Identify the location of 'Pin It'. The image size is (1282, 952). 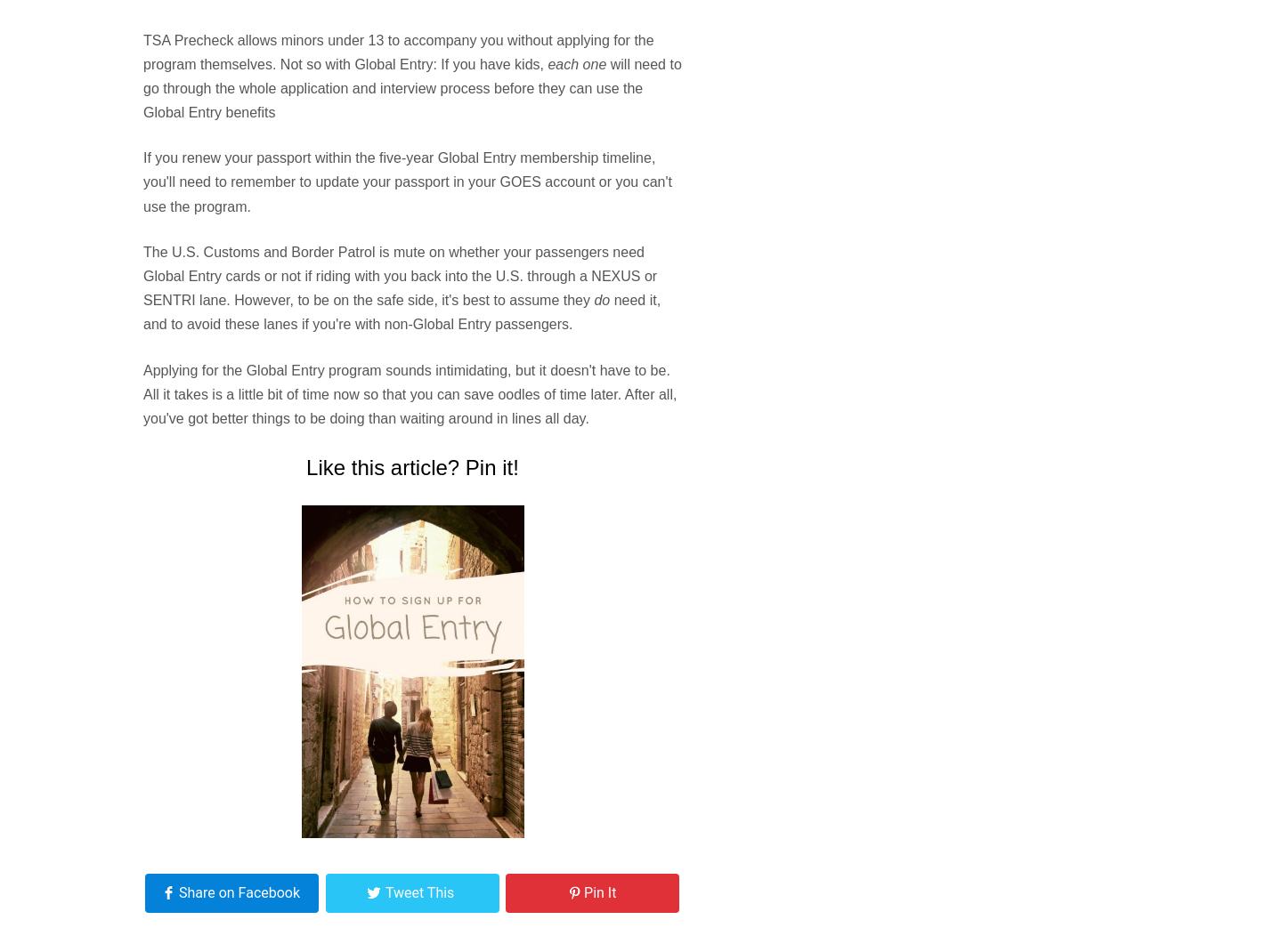
(600, 892).